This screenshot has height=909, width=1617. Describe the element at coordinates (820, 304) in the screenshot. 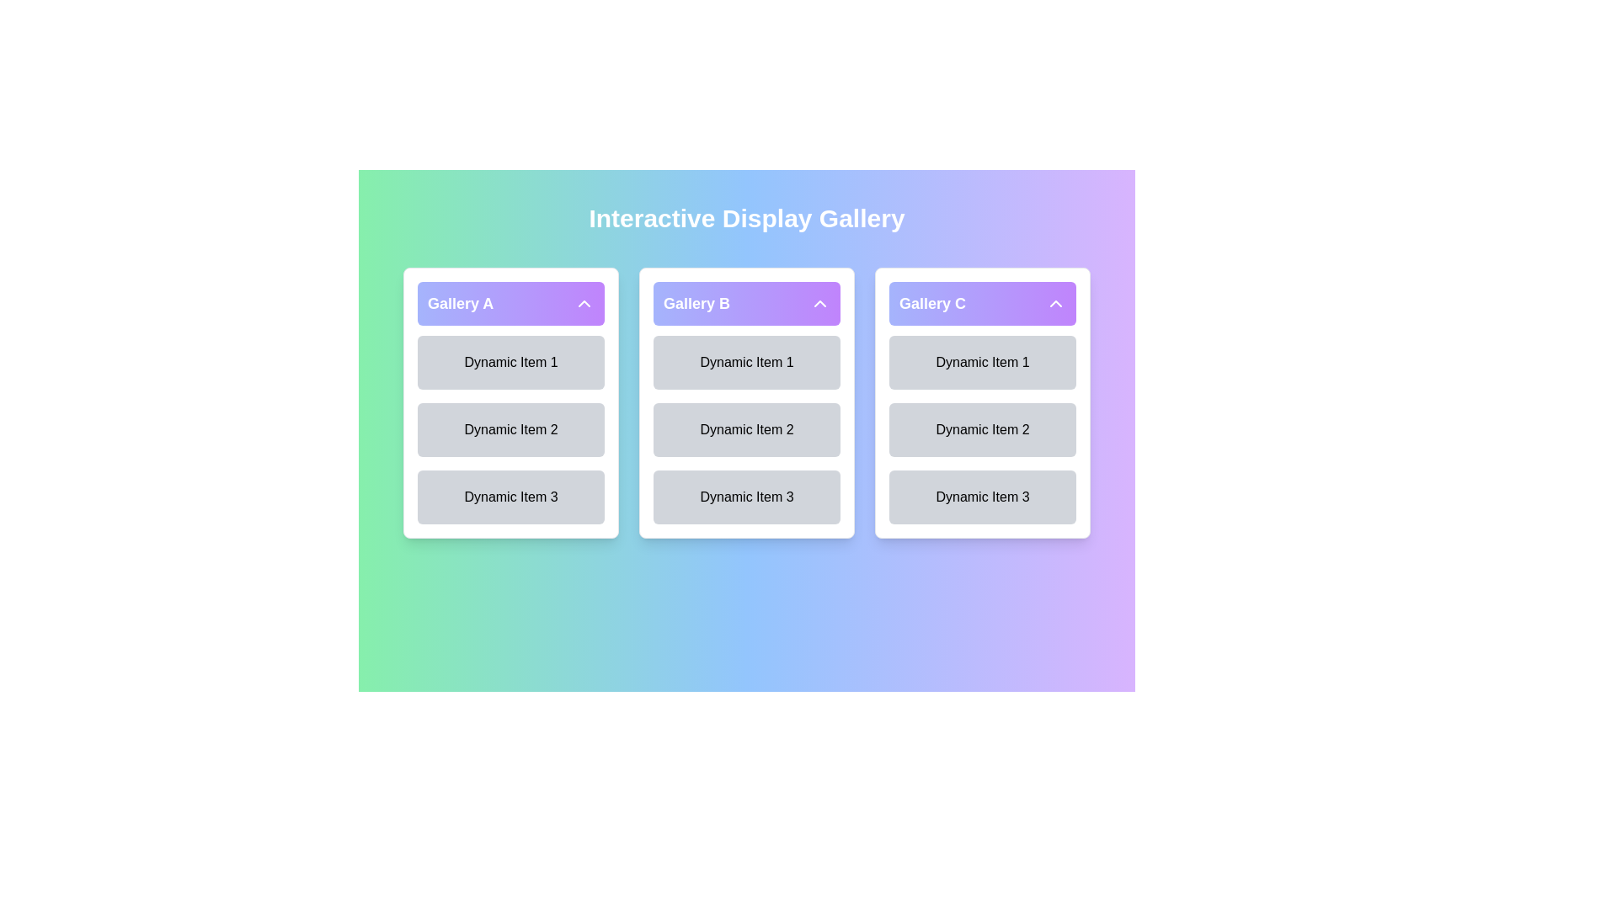

I see `the upward-pointing chevron icon located in the title bar of the 'Gallery B' card, positioned at the top-right corner` at that location.